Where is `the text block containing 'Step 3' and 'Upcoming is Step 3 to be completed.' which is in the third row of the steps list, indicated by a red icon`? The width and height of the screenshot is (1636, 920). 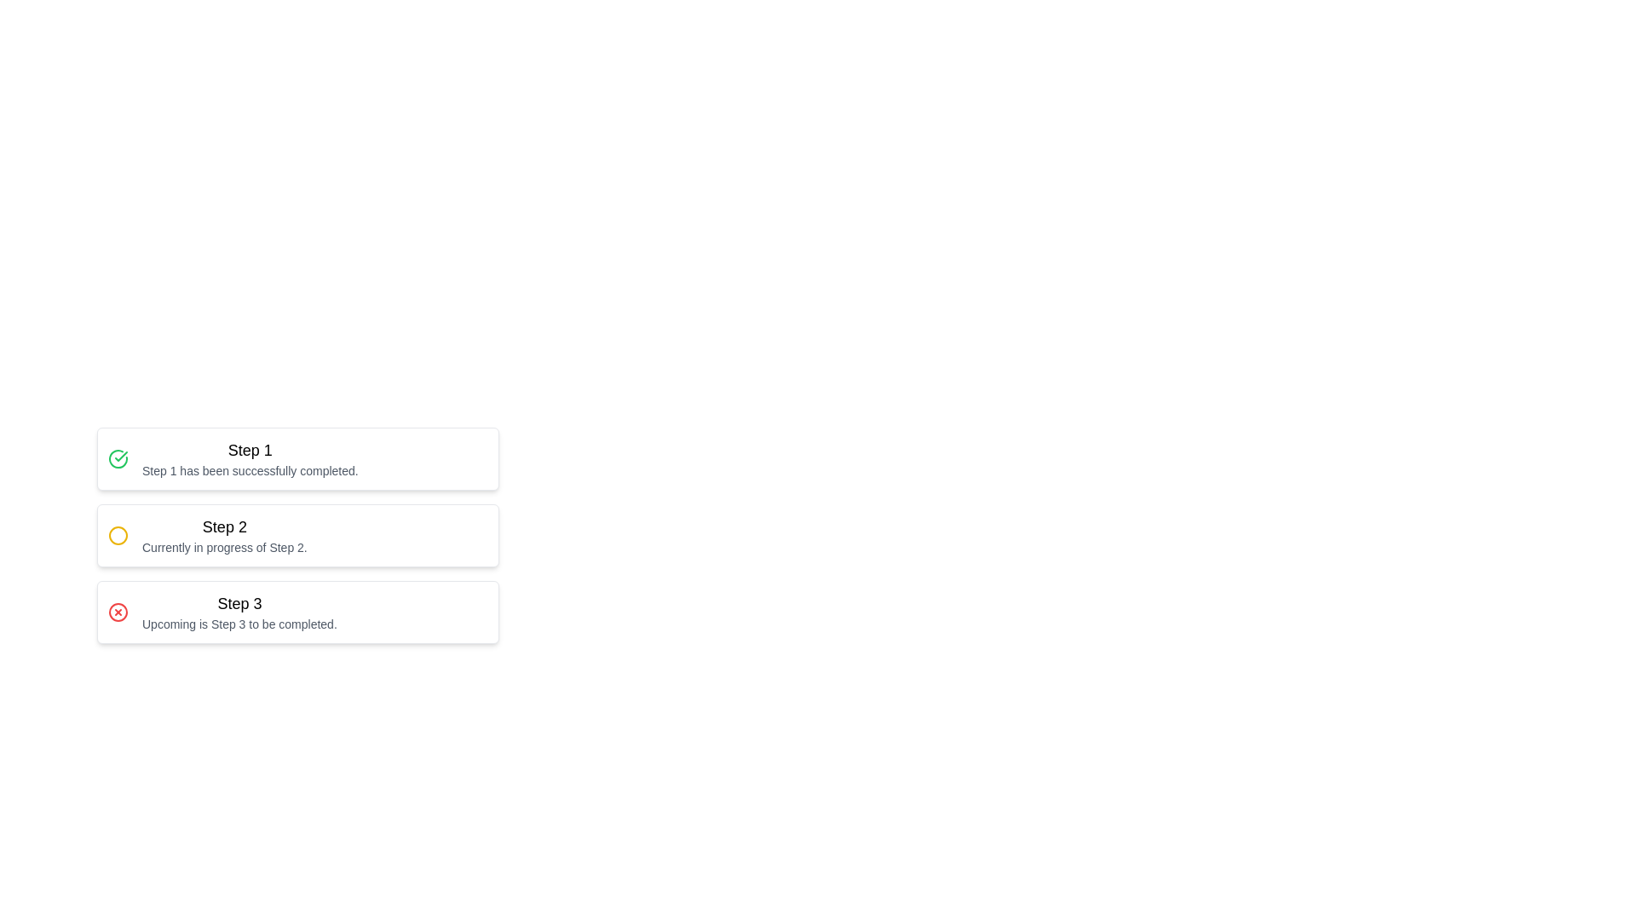
the text block containing 'Step 3' and 'Upcoming is Step 3 to be completed.' which is in the third row of the steps list, indicated by a red icon is located at coordinates (239, 611).